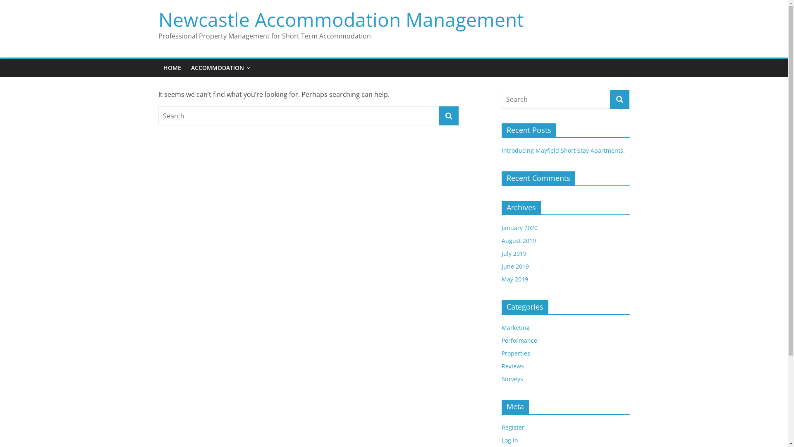 Image resolution: width=794 pixels, height=447 pixels. Describe the element at coordinates (500, 440) in the screenshot. I see `'Log in'` at that location.